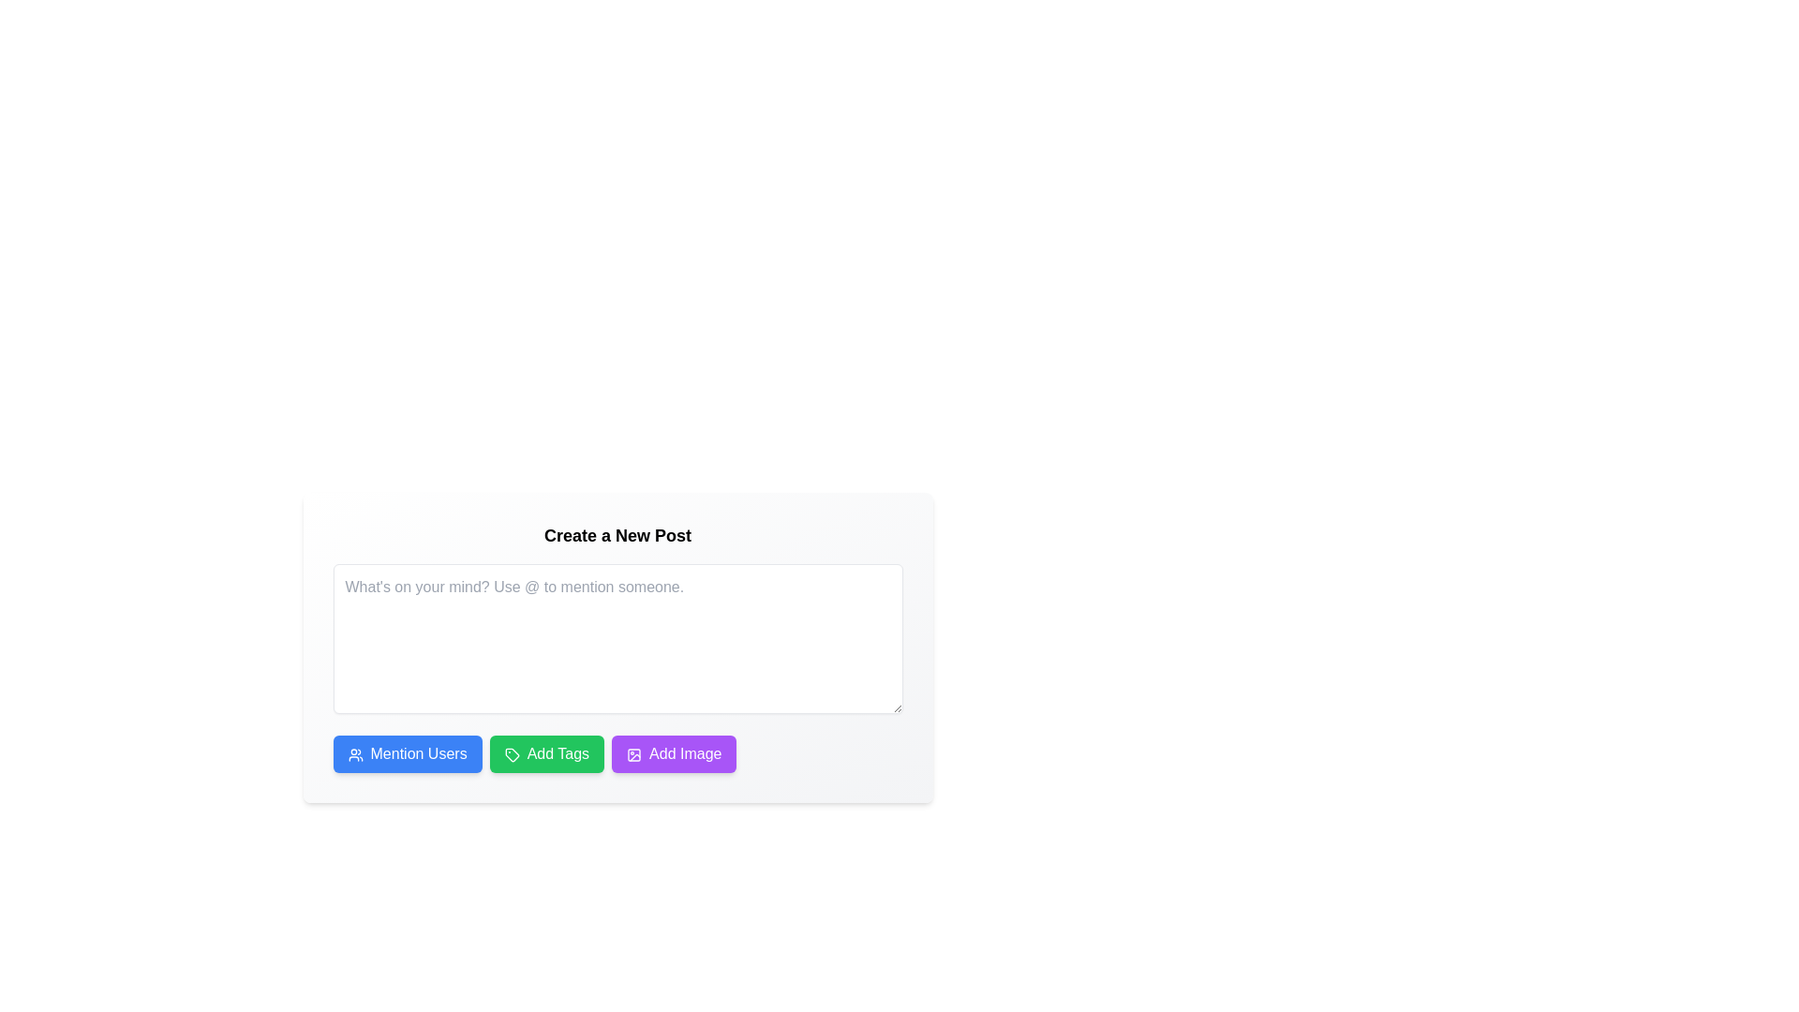 Image resolution: width=1799 pixels, height=1012 pixels. I want to click on the icon on the 'Add Tags' button, which is positioned leftmost within a green rectangular button, to initiate the tag addition process, so click(512, 753).